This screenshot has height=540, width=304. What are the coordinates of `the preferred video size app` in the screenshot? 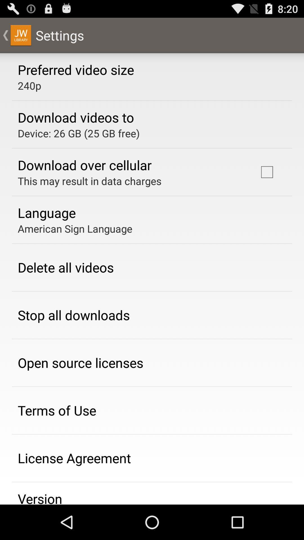 It's located at (75, 69).